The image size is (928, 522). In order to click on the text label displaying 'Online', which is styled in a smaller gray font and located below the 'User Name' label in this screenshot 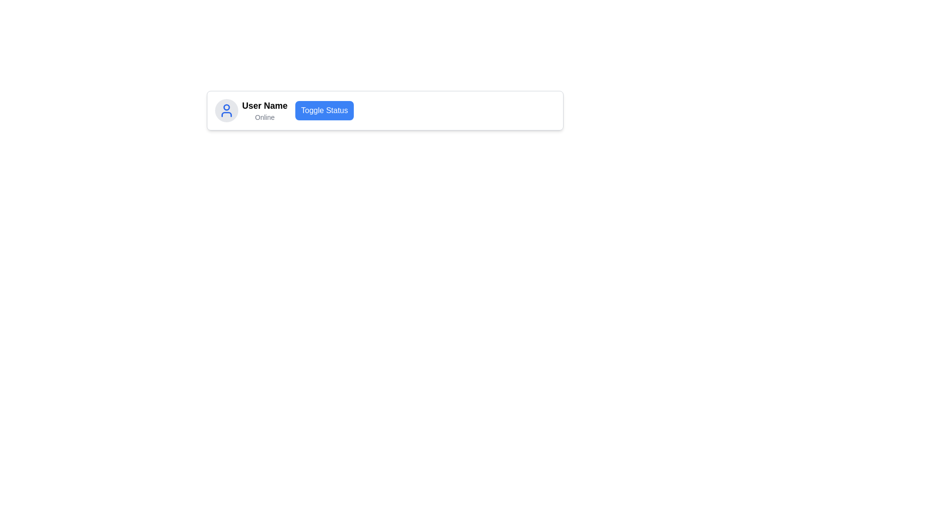, I will do `click(264, 117)`.